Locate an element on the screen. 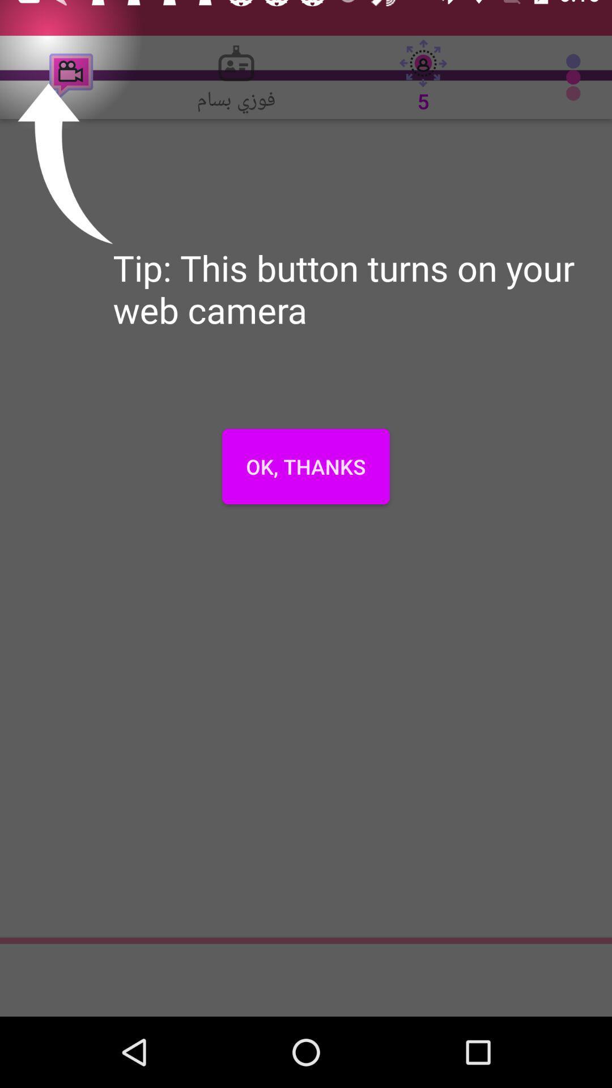 Image resolution: width=612 pixels, height=1088 pixels. item below the tip this button is located at coordinates (306, 466).